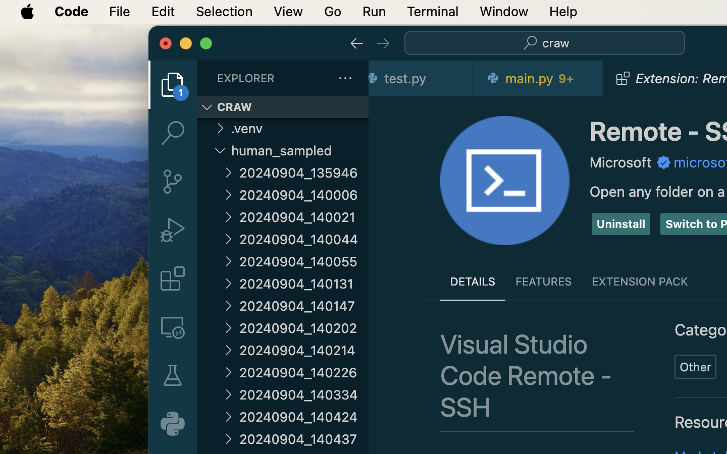 This screenshot has height=454, width=727. Describe the element at coordinates (303, 305) in the screenshot. I see `'20240904_140147'` at that location.